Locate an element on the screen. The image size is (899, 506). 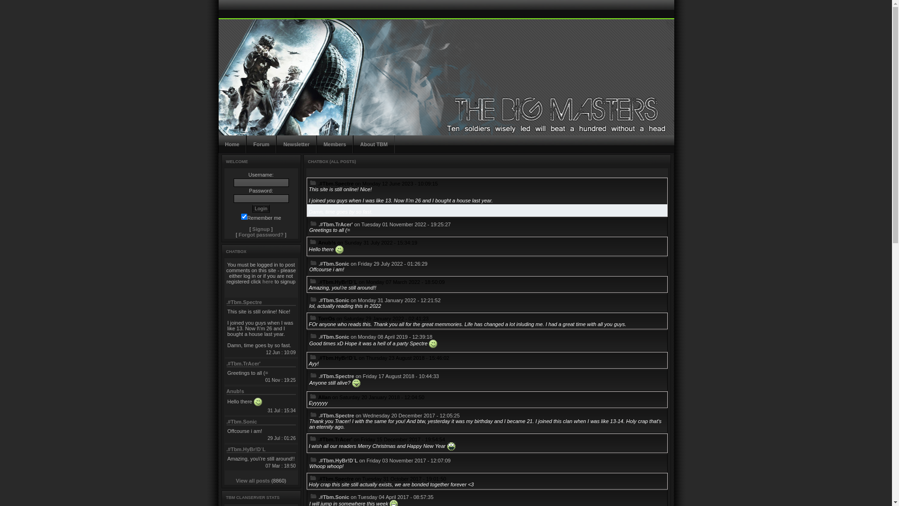
'Forgot password?' is located at coordinates (261, 234).